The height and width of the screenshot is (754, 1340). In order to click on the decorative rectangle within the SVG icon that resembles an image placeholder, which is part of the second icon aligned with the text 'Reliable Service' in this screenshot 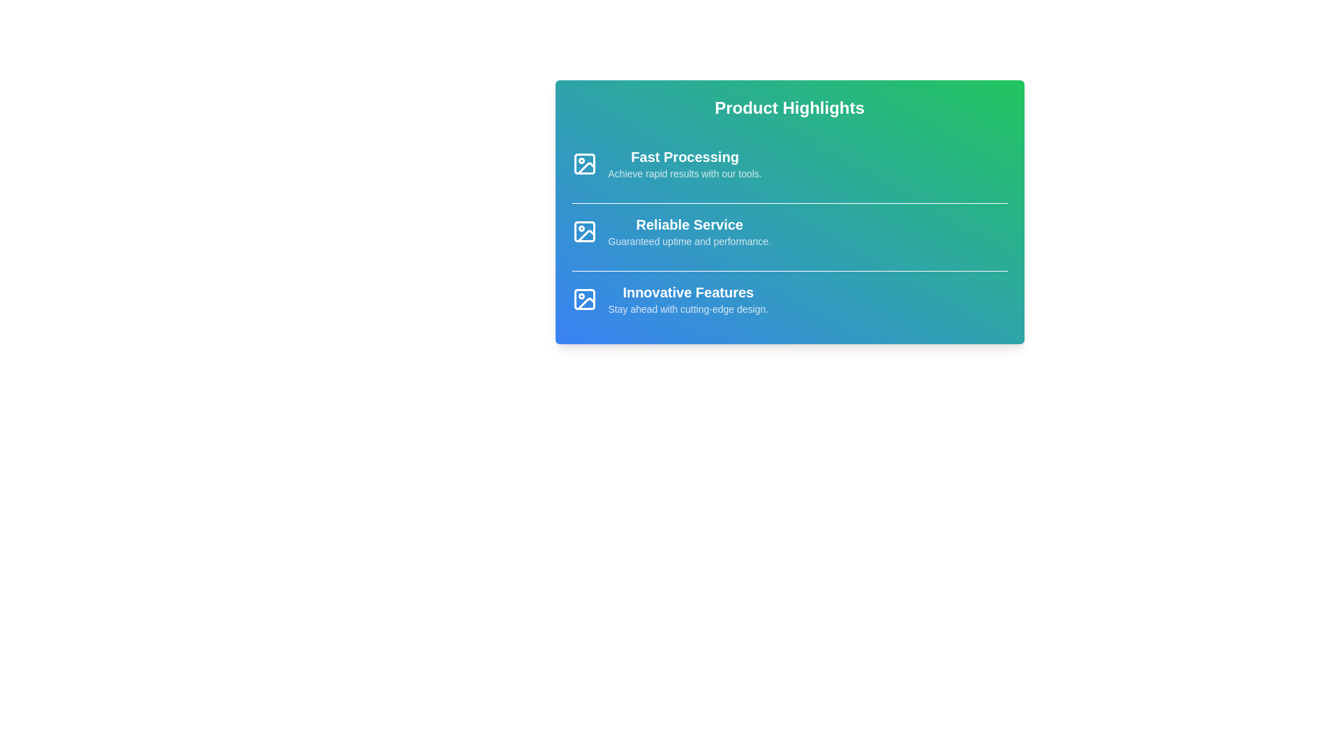, I will do `click(584, 230)`.